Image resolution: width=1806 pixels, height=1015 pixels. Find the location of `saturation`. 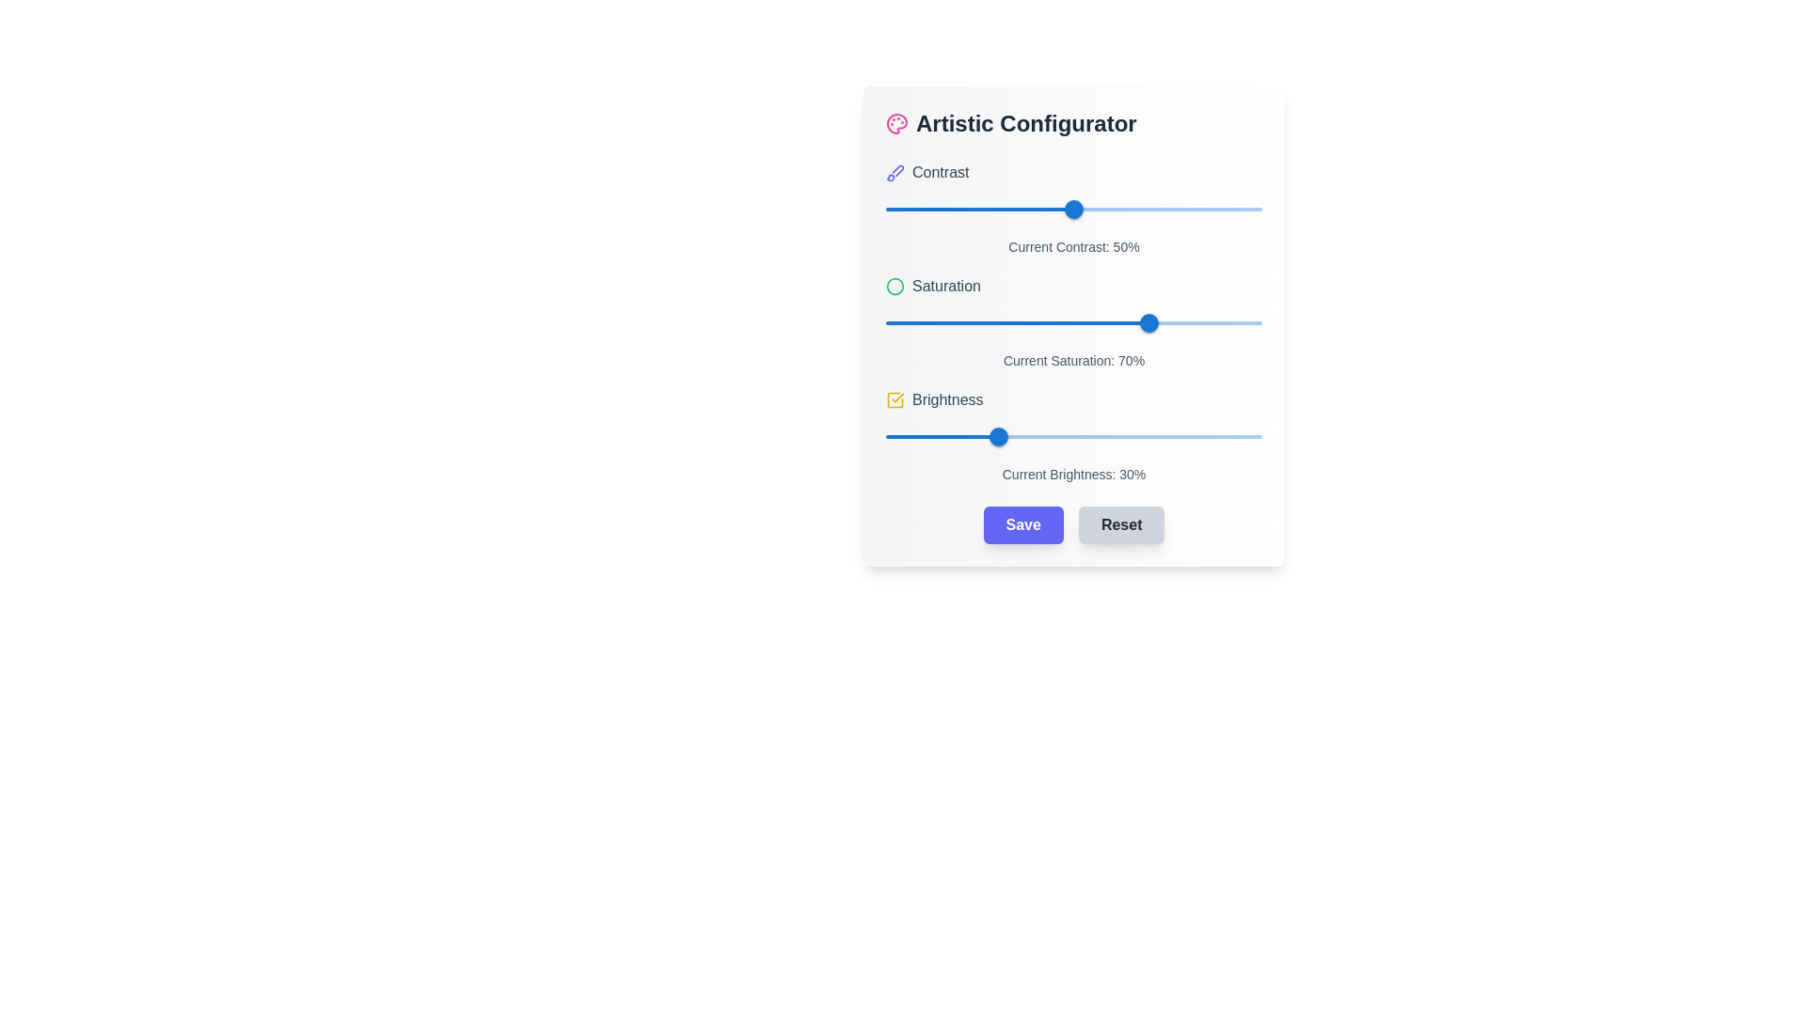

saturation is located at coordinates (1087, 321).